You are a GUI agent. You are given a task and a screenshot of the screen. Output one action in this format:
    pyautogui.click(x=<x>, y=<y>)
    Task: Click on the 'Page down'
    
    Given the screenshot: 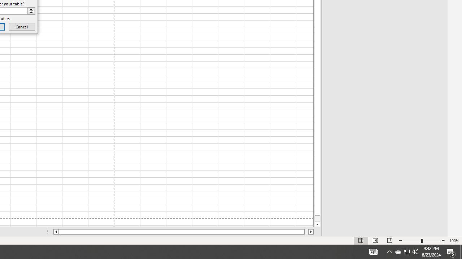 What is the action you would take?
    pyautogui.click(x=317, y=218)
    